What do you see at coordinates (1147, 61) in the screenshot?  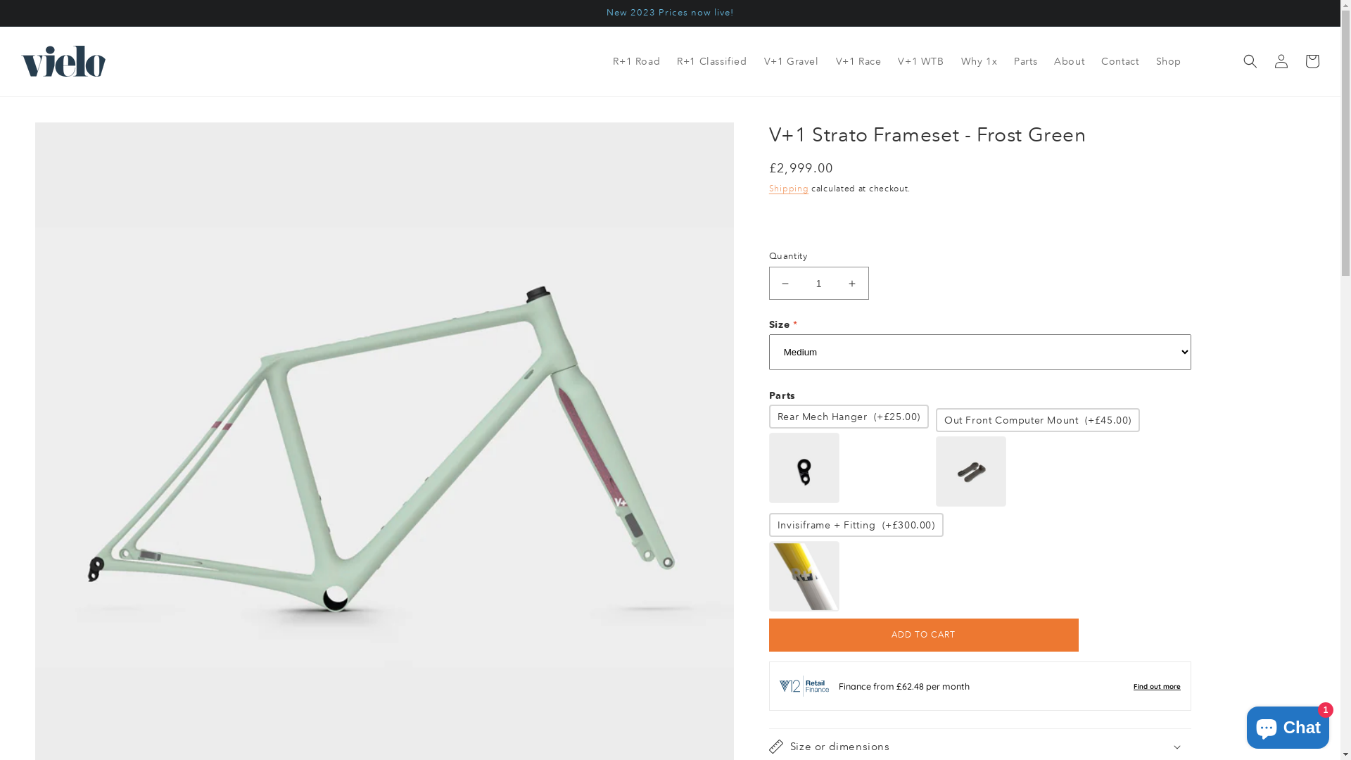 I see `'Shop'` at bounding box center [1147, 61].